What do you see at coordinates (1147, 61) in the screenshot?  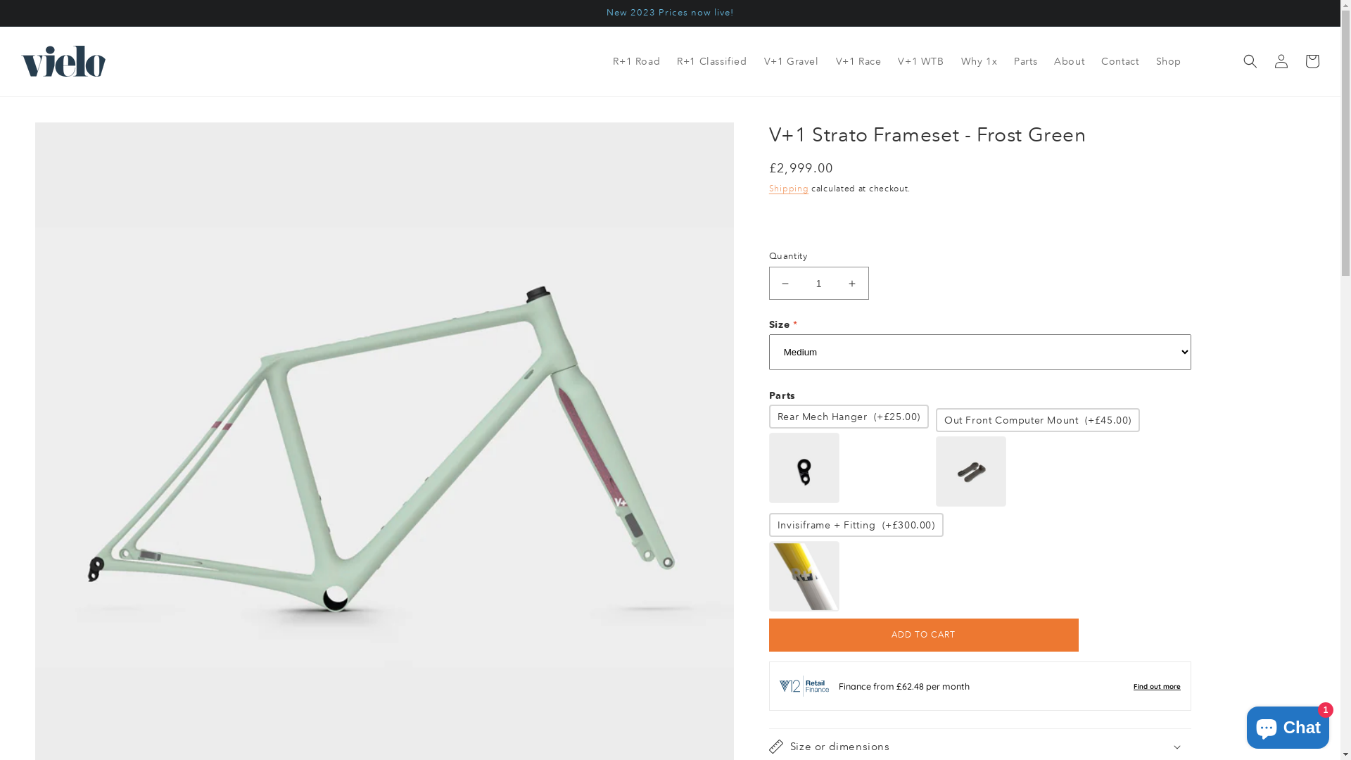 I see `'Shop'` at bounding box center [1147, 61].